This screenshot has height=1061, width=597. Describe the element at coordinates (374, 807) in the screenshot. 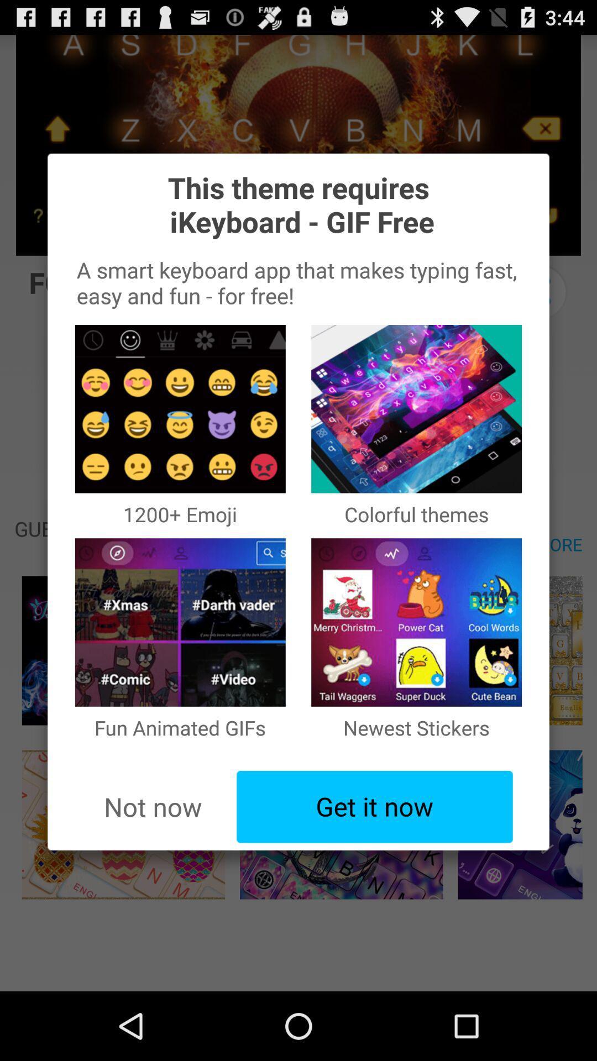

I see `the item to the right of the not now` at that location.